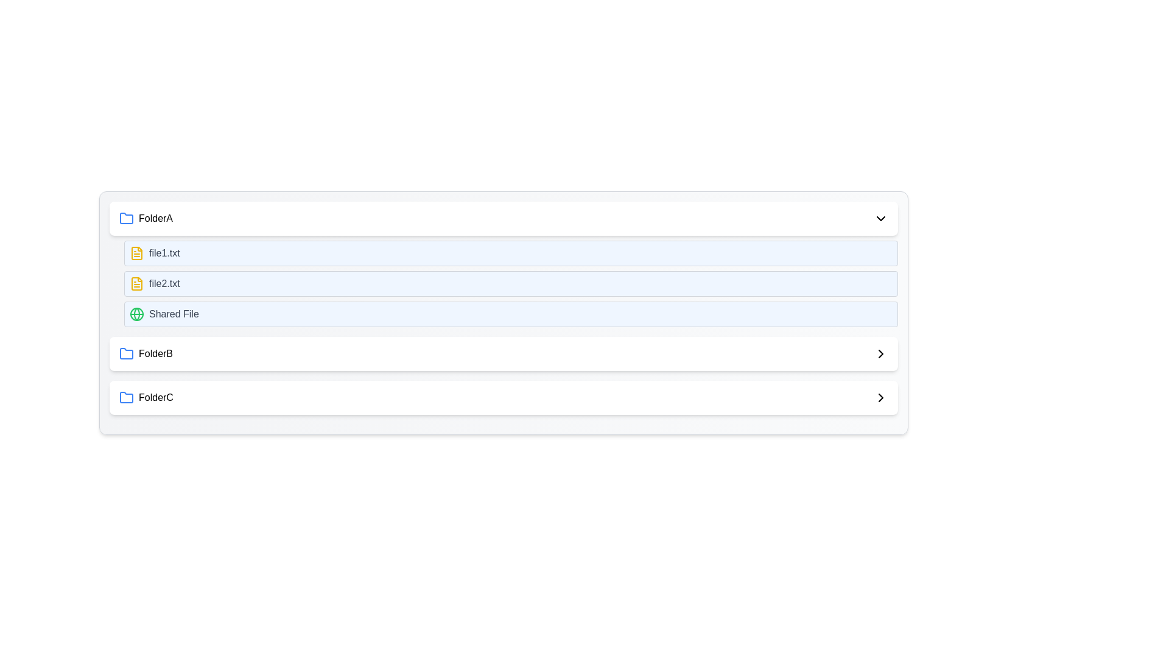 The image size is (1169, 658). Describe the element at coordinates (504, 354) in the screenshot. I see `the navigational list item for 'FolderB'` at that location.